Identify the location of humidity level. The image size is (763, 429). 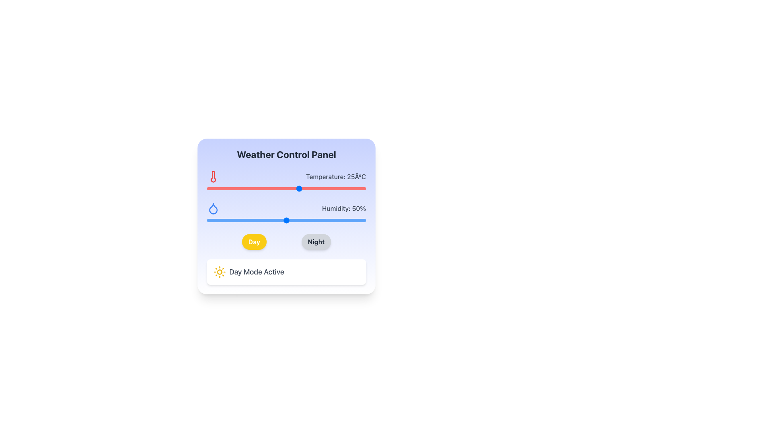
(217, 220).